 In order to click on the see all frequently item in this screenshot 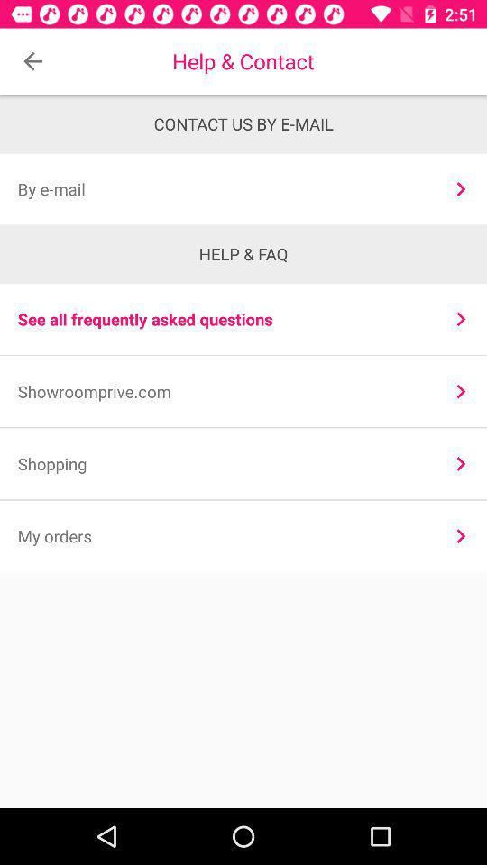, I will do `click(223, 319)`.